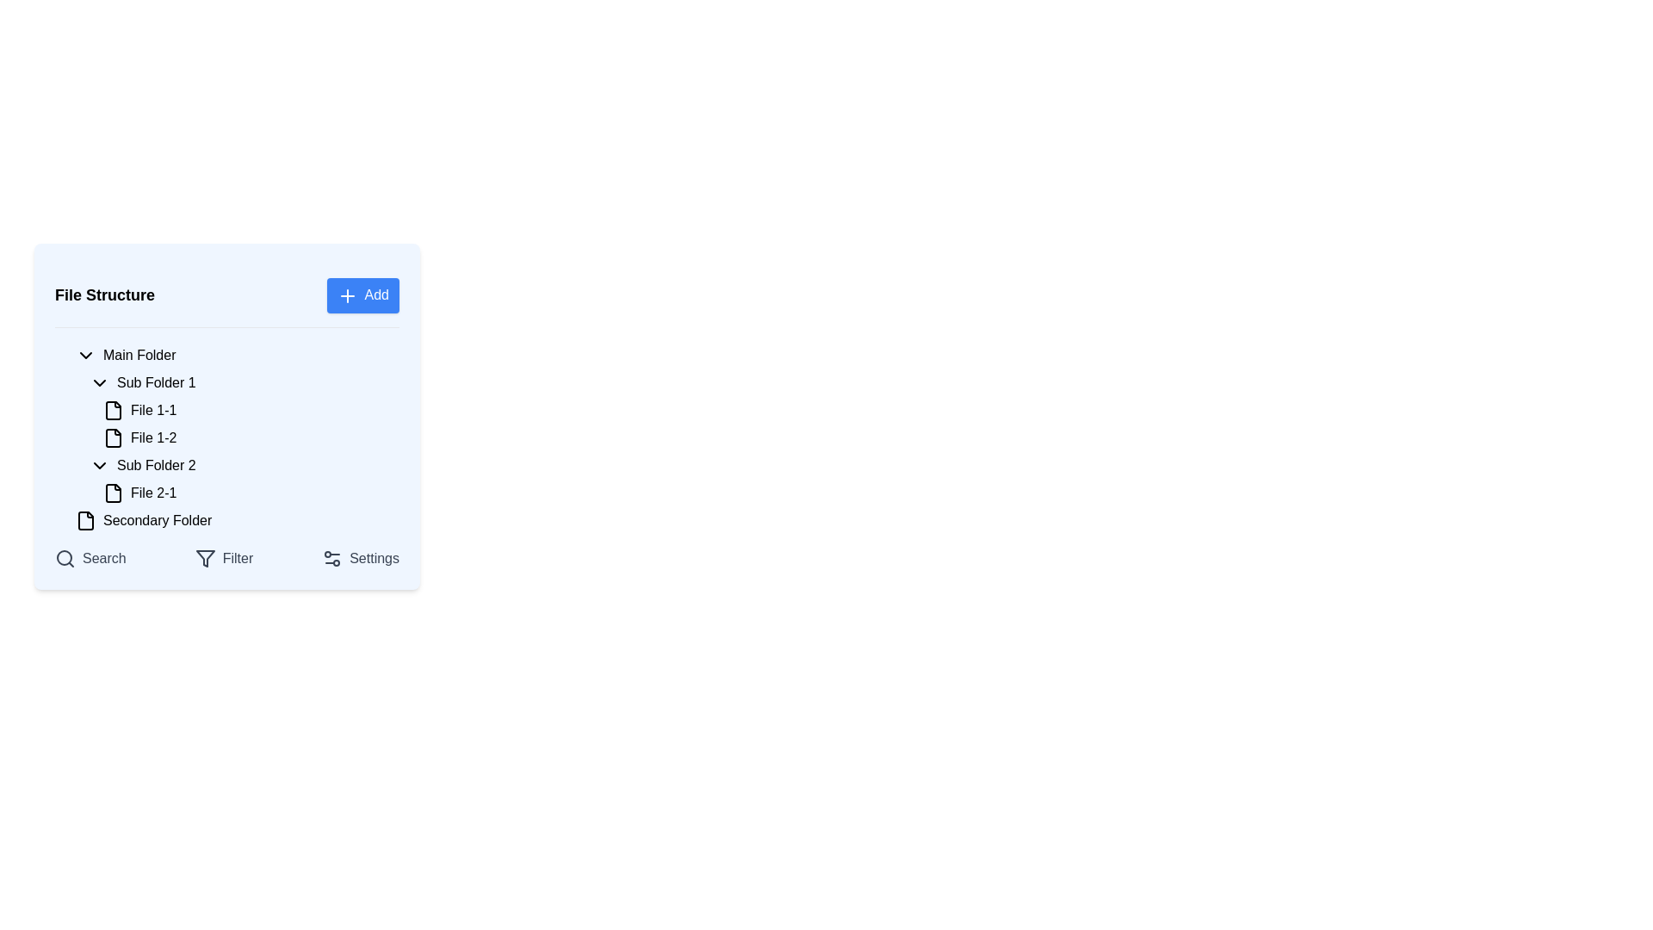 The image size is (1653, 930). What do you see at coordinates (223, 558) in the screenshot?
I see `the central filtering options button located between the 'Search' and 'Settings' buttons` at bounding box center [223, 558].